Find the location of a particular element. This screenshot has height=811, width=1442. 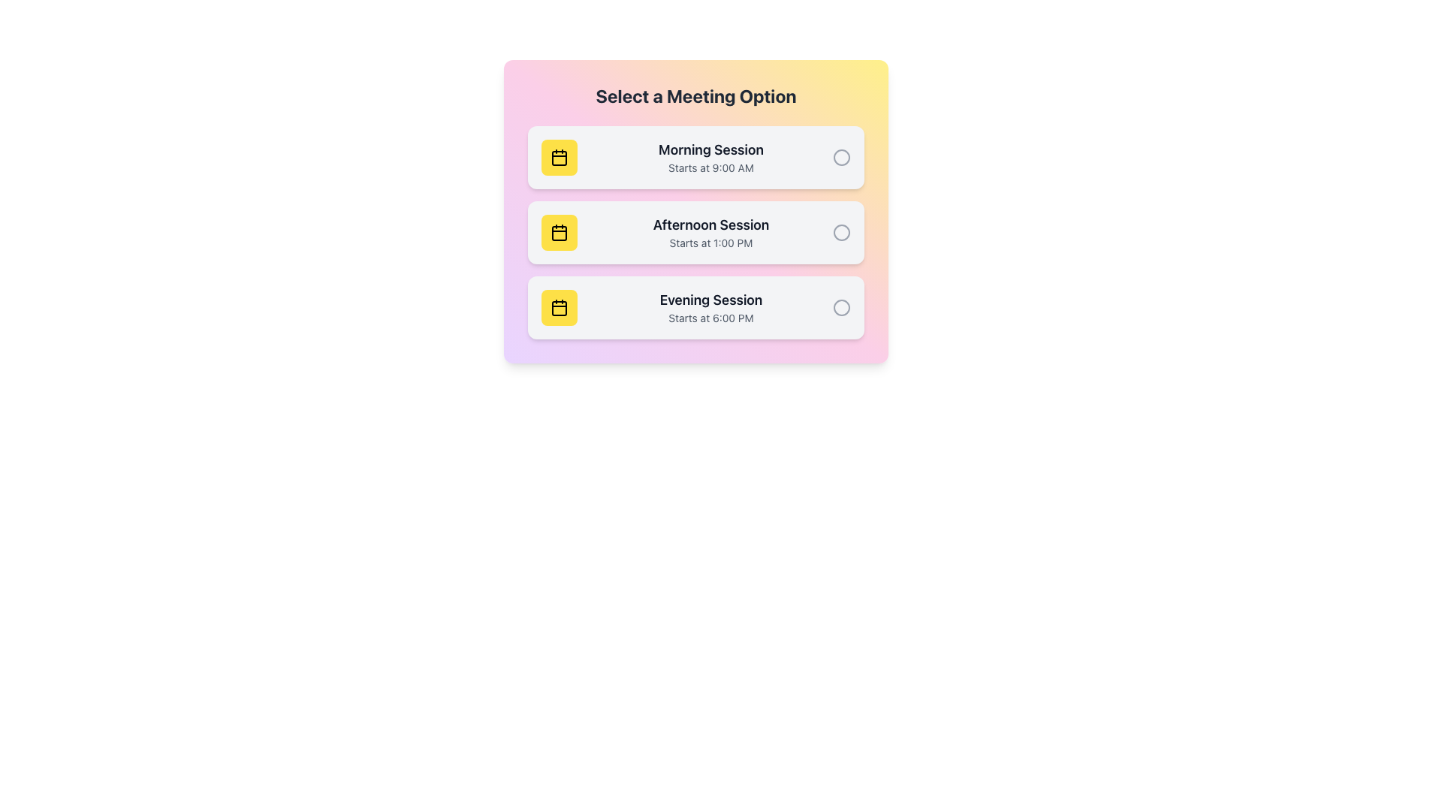

the text element that reads 'Starts at 6:00 PM', which is styled with a small, gray font and located beneath the 'Evening Session' title is located at coordinates (710, 318).